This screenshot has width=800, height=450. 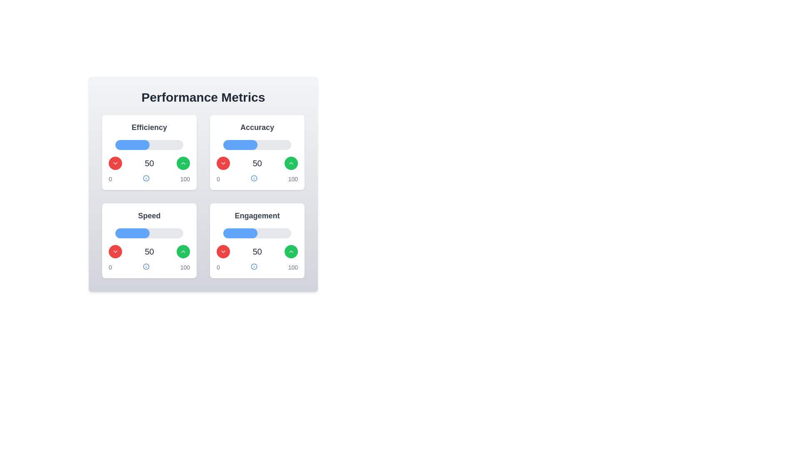 I want to click on the filled portion of the 'Efficiency' progress bar, which is a blue, rounded rectangle occupying the left 50% of the bar, so click(x=132, y=144).